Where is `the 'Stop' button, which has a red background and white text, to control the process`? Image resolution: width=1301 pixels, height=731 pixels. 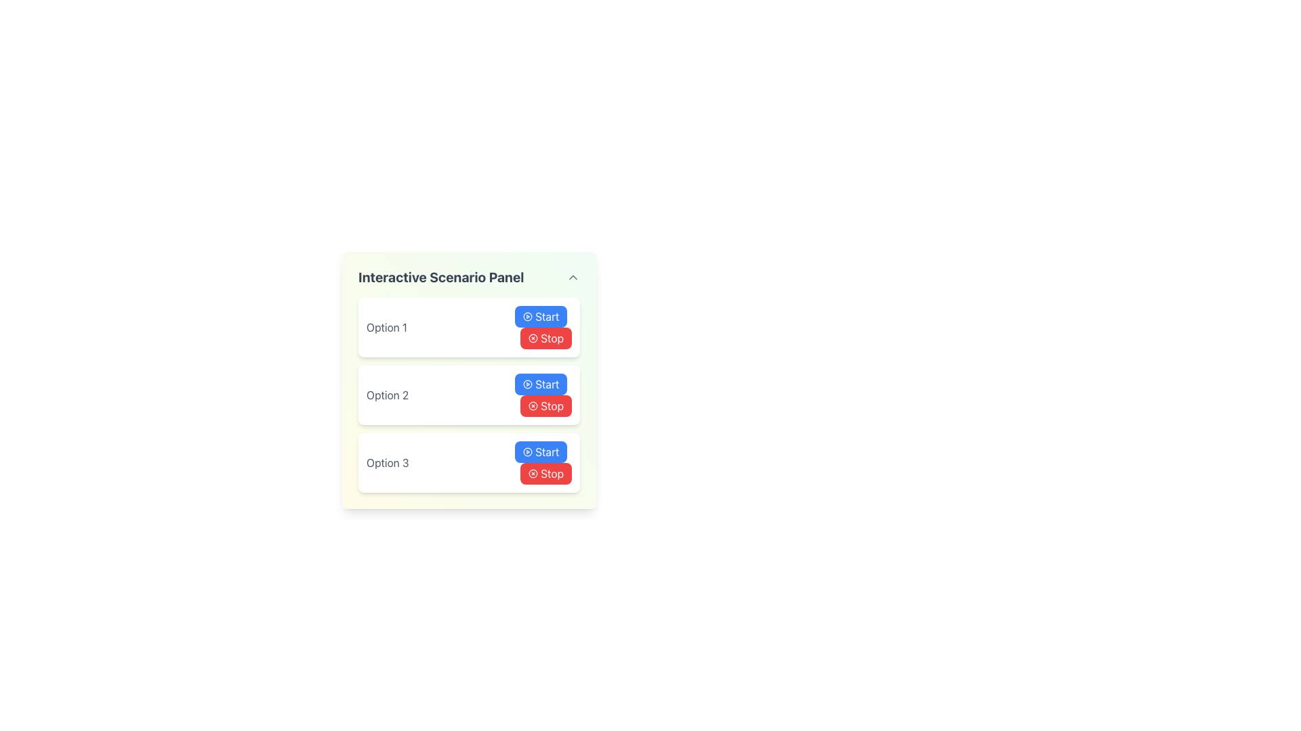
the 'Stop' button, which has a red background and white text, to control the process is located at coordinates (546, 472).